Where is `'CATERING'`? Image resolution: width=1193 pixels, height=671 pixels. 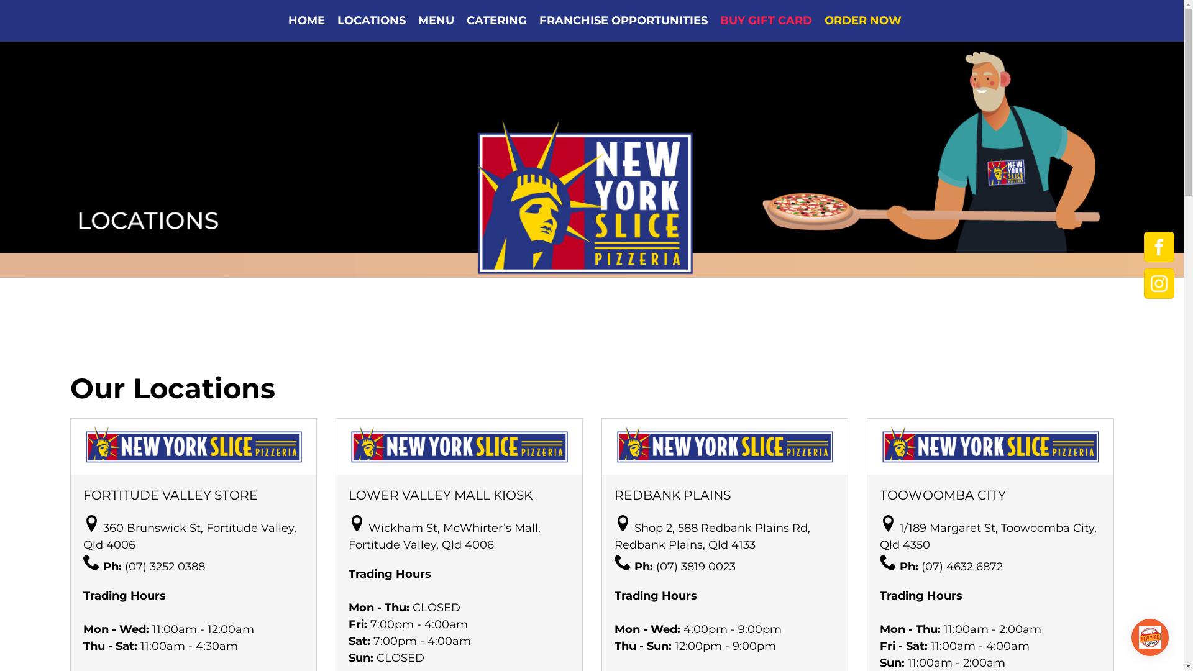 'CATERING' is located at coordinates (496, 21).